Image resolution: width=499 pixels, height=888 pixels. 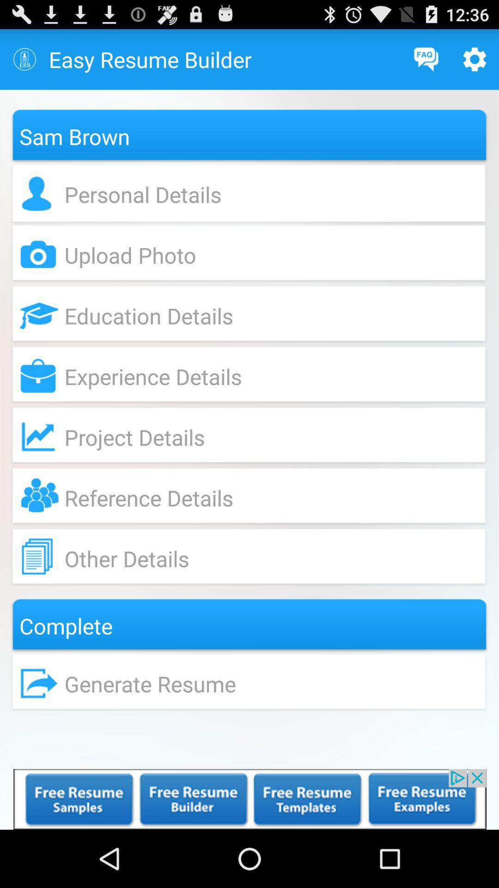 I want to click on display advertisement, so click(x=249, y=799).